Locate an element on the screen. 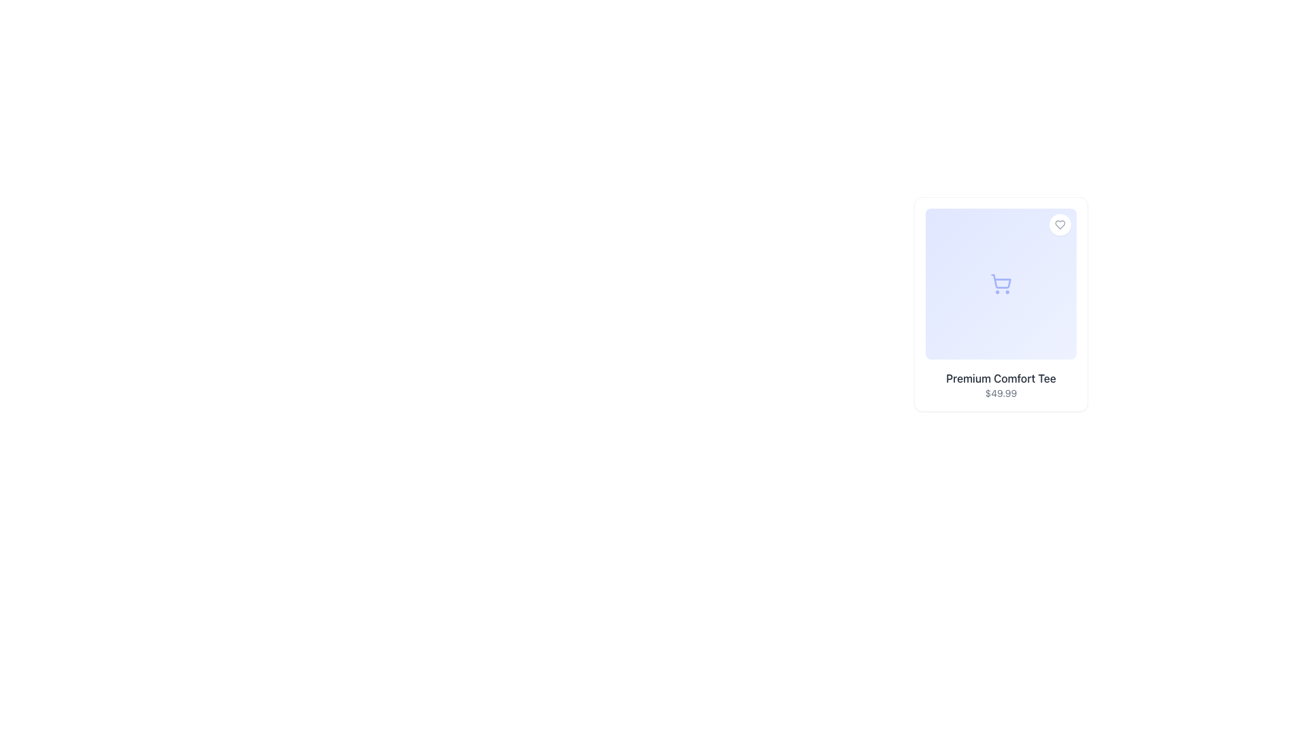 This screenshot has width=1305, height=734. the shopping cart icon, which is styled in a light indigo hue and located in the top-left corner of the product card is located at coordinates (1001, 283).